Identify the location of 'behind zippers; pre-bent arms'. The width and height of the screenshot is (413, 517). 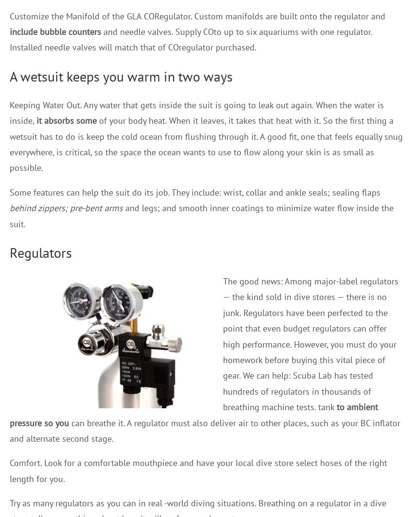
(66, 207).